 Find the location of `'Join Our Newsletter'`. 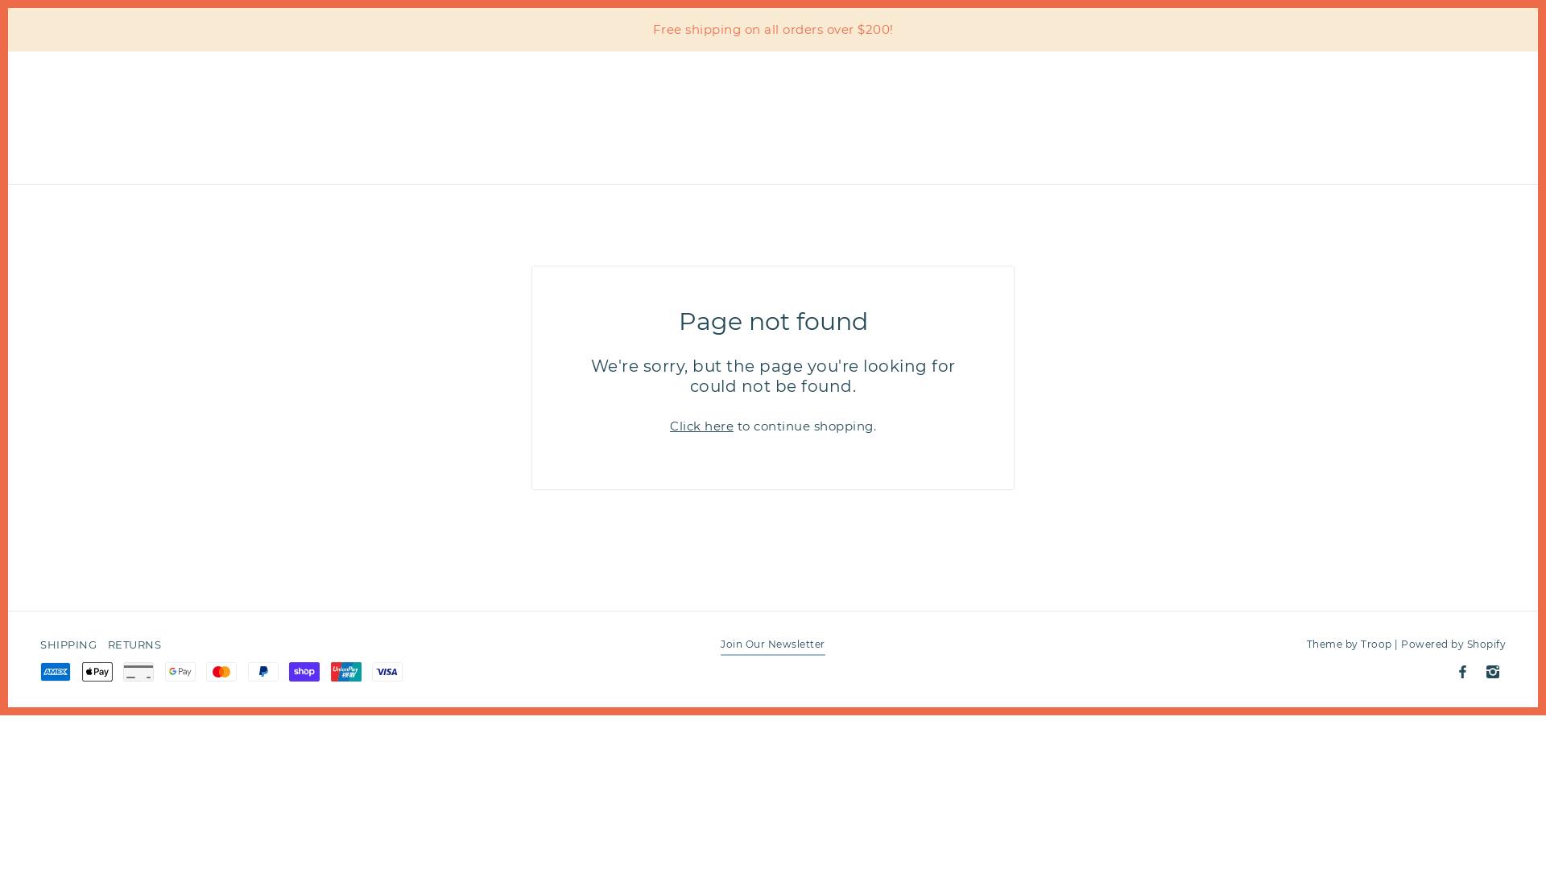

'Join Our Newsletter' is located at coordinates (773, 647).